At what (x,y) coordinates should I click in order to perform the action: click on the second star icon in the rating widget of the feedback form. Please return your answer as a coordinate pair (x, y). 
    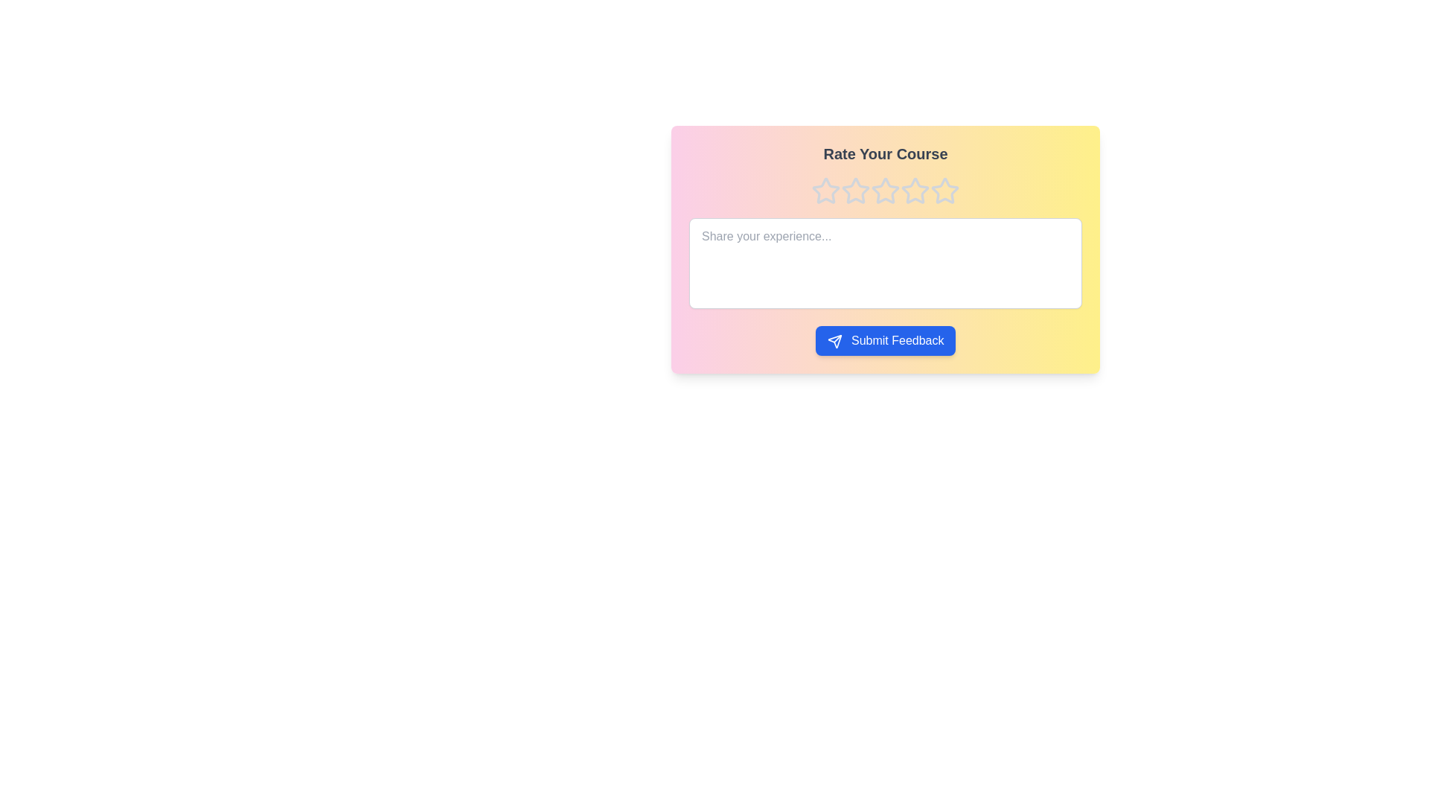
    Looking at the image, I should click on (886, 190).